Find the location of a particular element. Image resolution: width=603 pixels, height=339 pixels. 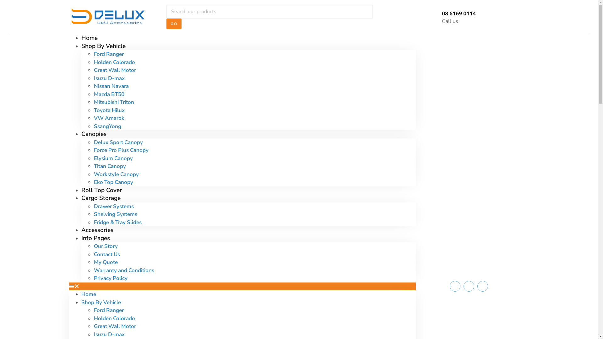

'Canopies' is located at coordinates (81, 134).